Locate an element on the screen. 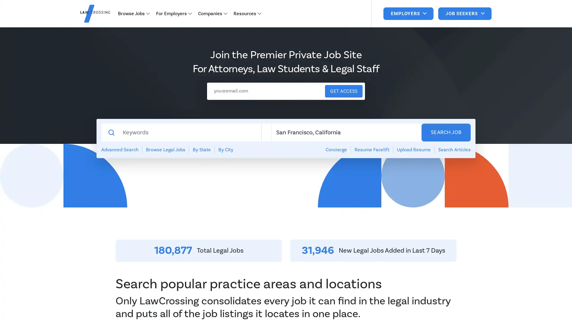  EMPLOYERS is located at coordinates (408, 13).